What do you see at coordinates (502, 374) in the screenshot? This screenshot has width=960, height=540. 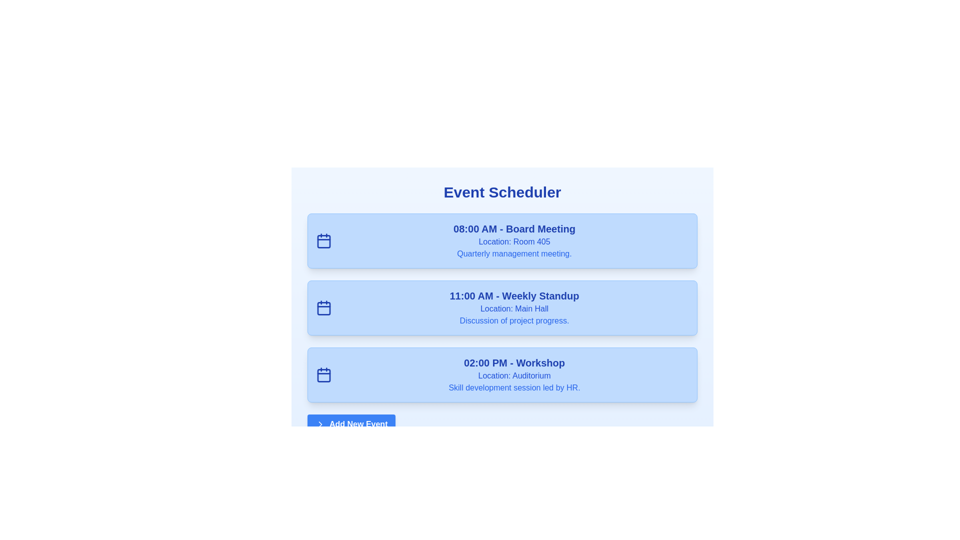 I see `the third informational card in the vertical list, which has a blue background and contains a calendar icon` at bounding box center [502, 374].